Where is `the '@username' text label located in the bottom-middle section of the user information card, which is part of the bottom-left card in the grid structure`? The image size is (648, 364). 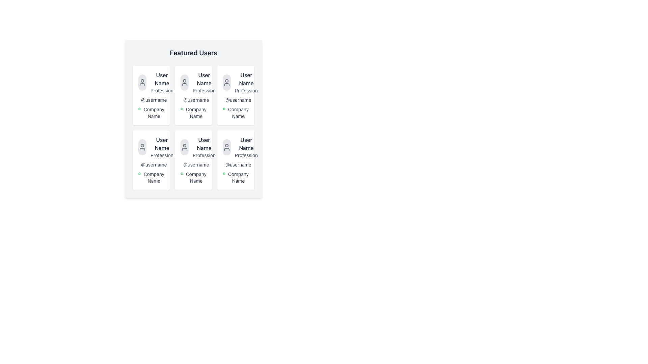 the '@username' text label located in the bottom-middle section of the user information card, which is part of the bottom-left card in the grid structure is located at coordinates (154, 165).